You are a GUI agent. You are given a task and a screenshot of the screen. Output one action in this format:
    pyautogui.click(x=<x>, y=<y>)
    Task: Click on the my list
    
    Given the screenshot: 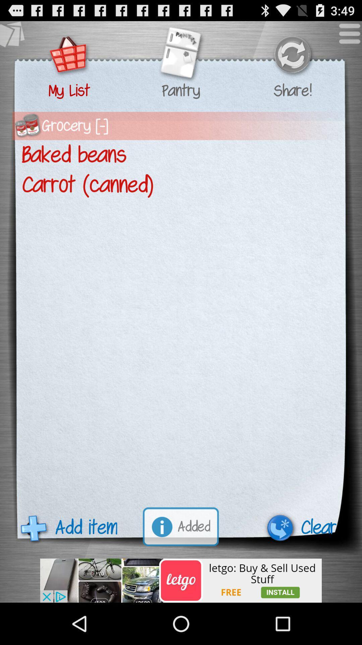 What is the action you would take?
    pyautogui.click(x=69, y=55)
    